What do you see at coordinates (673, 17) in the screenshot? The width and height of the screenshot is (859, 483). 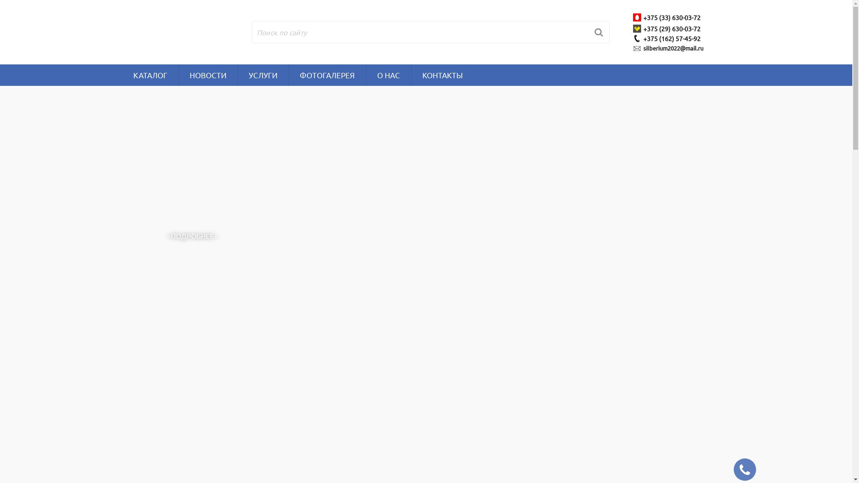 I see `'+375 (33) 630-03-72'` at bounding box center [673, 17].